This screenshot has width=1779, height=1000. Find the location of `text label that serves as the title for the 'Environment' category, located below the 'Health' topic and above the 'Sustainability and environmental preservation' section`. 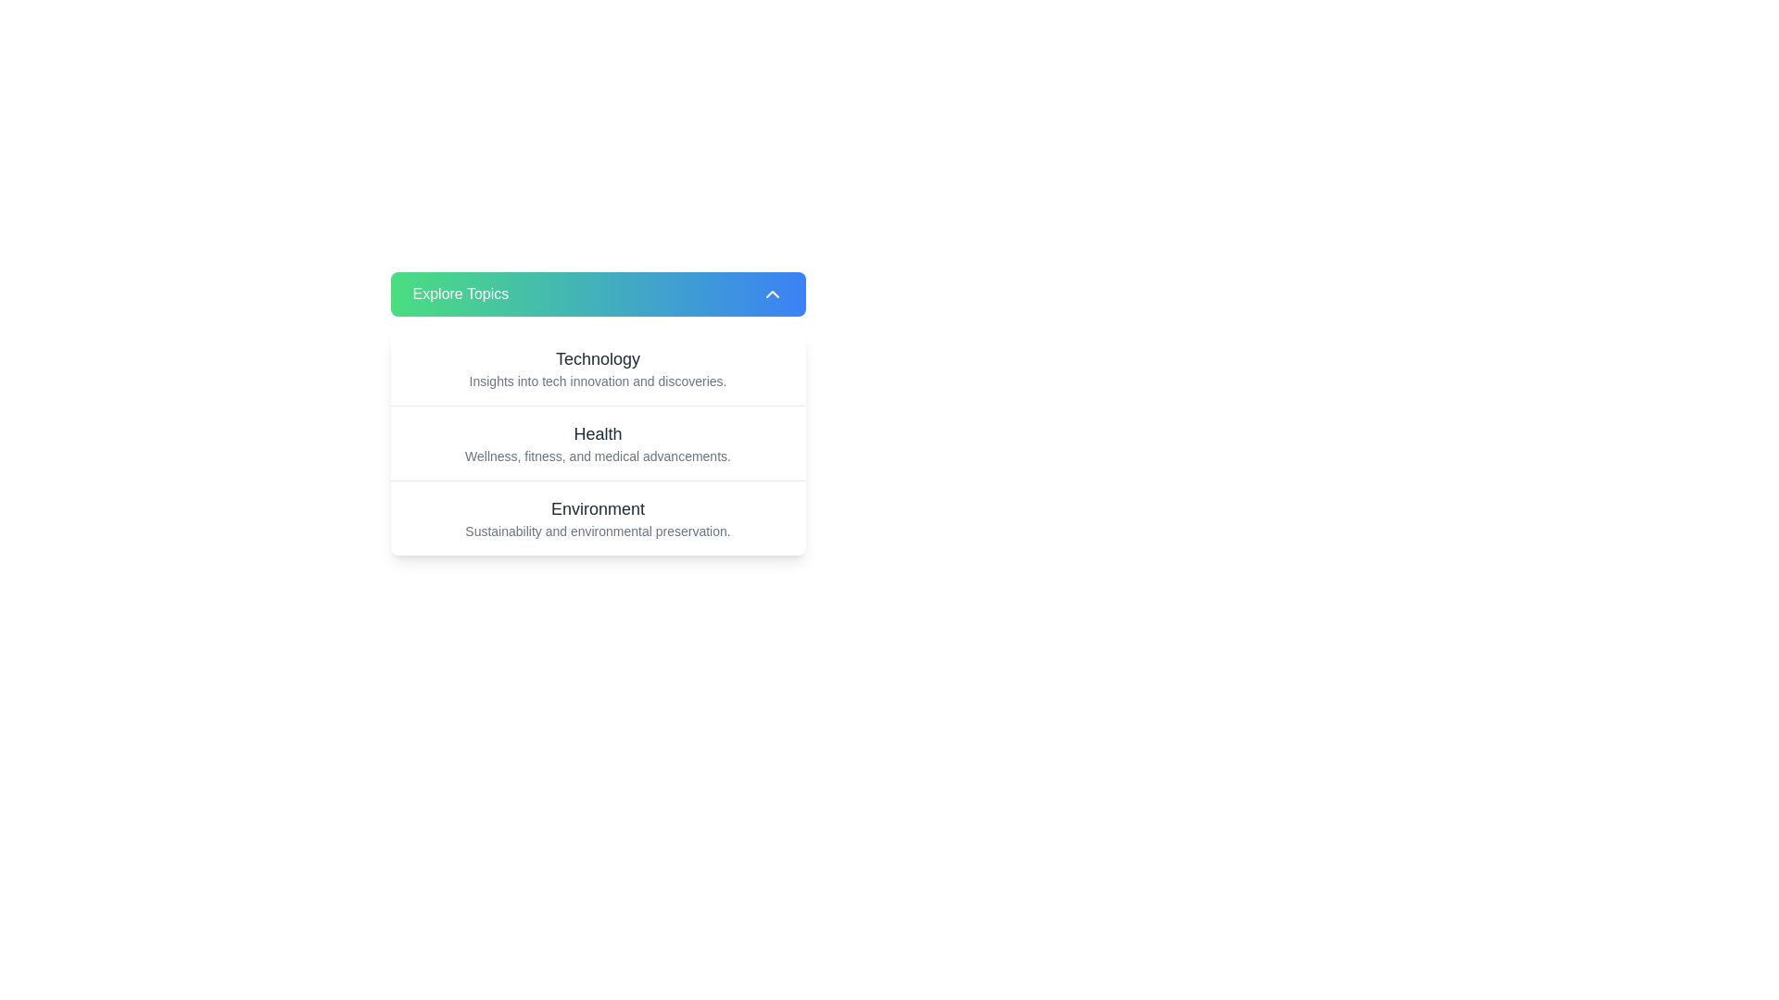

text label that serves as the title for the 'Environment' category, located below the 'Health' topic and above the 'Sustainability and environmental preservation' section is located at coordinates (598, 509).